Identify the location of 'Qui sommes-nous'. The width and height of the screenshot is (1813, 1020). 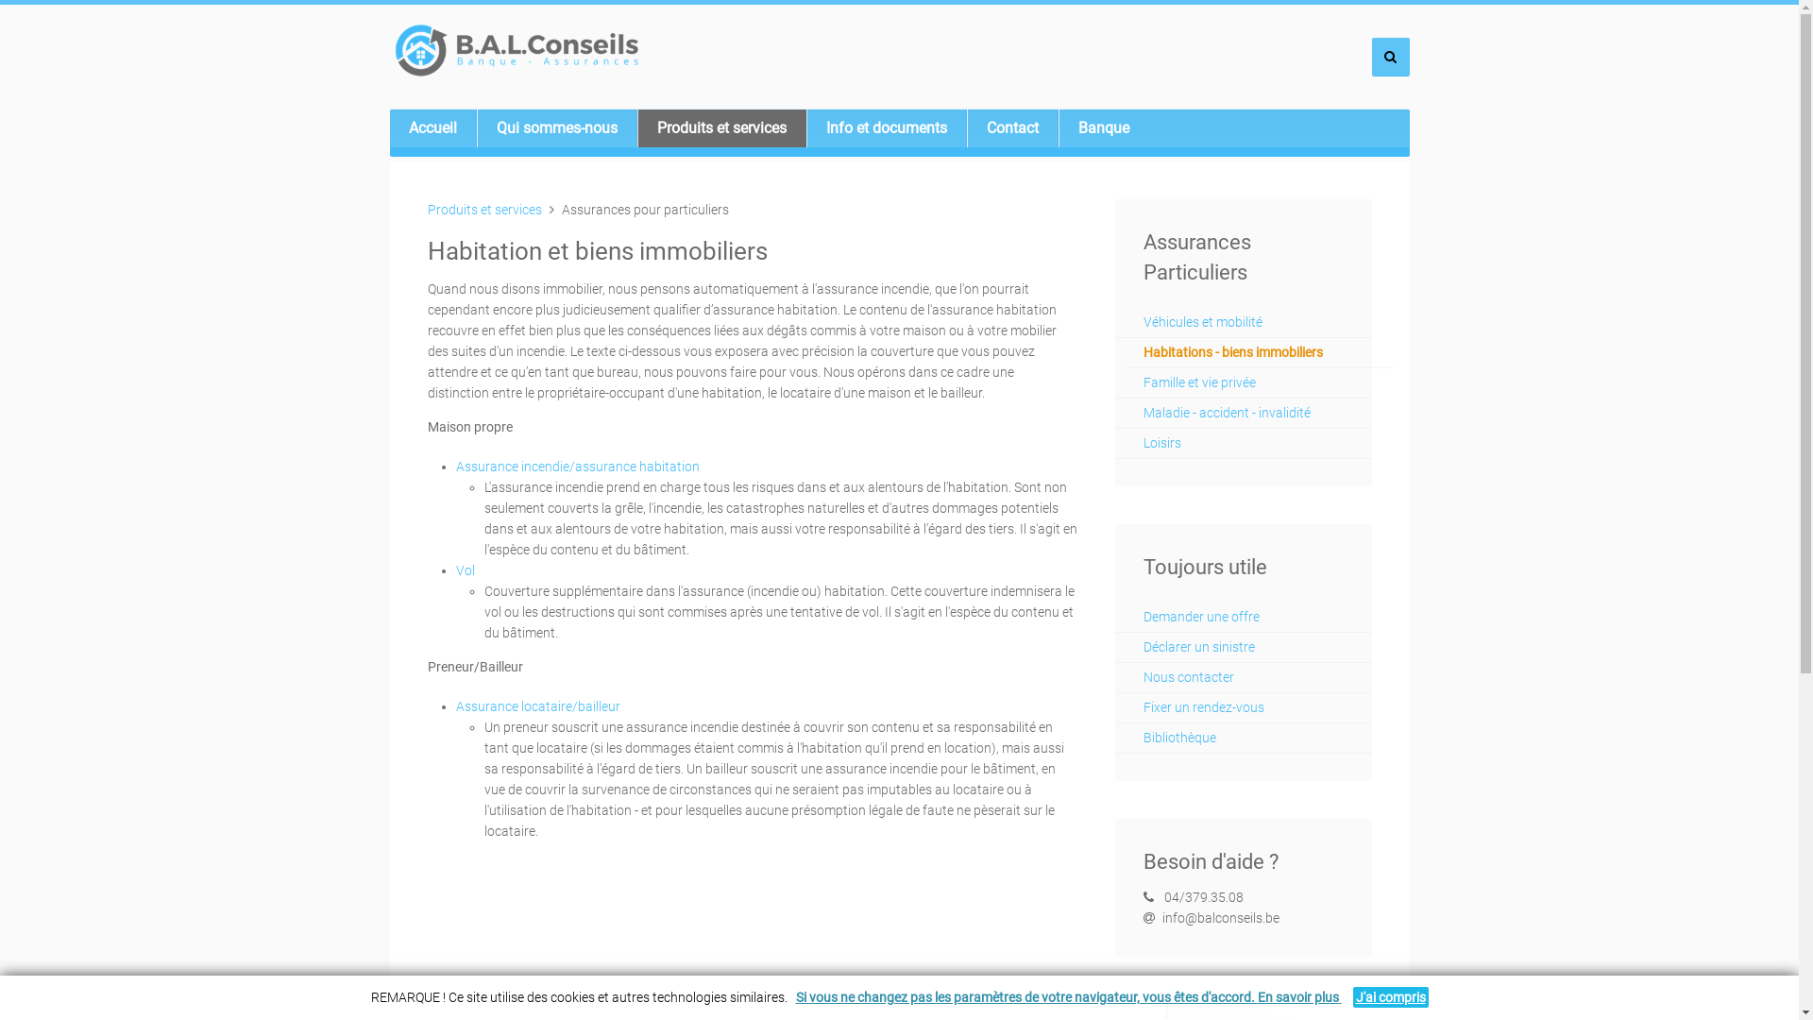
(555, 127).